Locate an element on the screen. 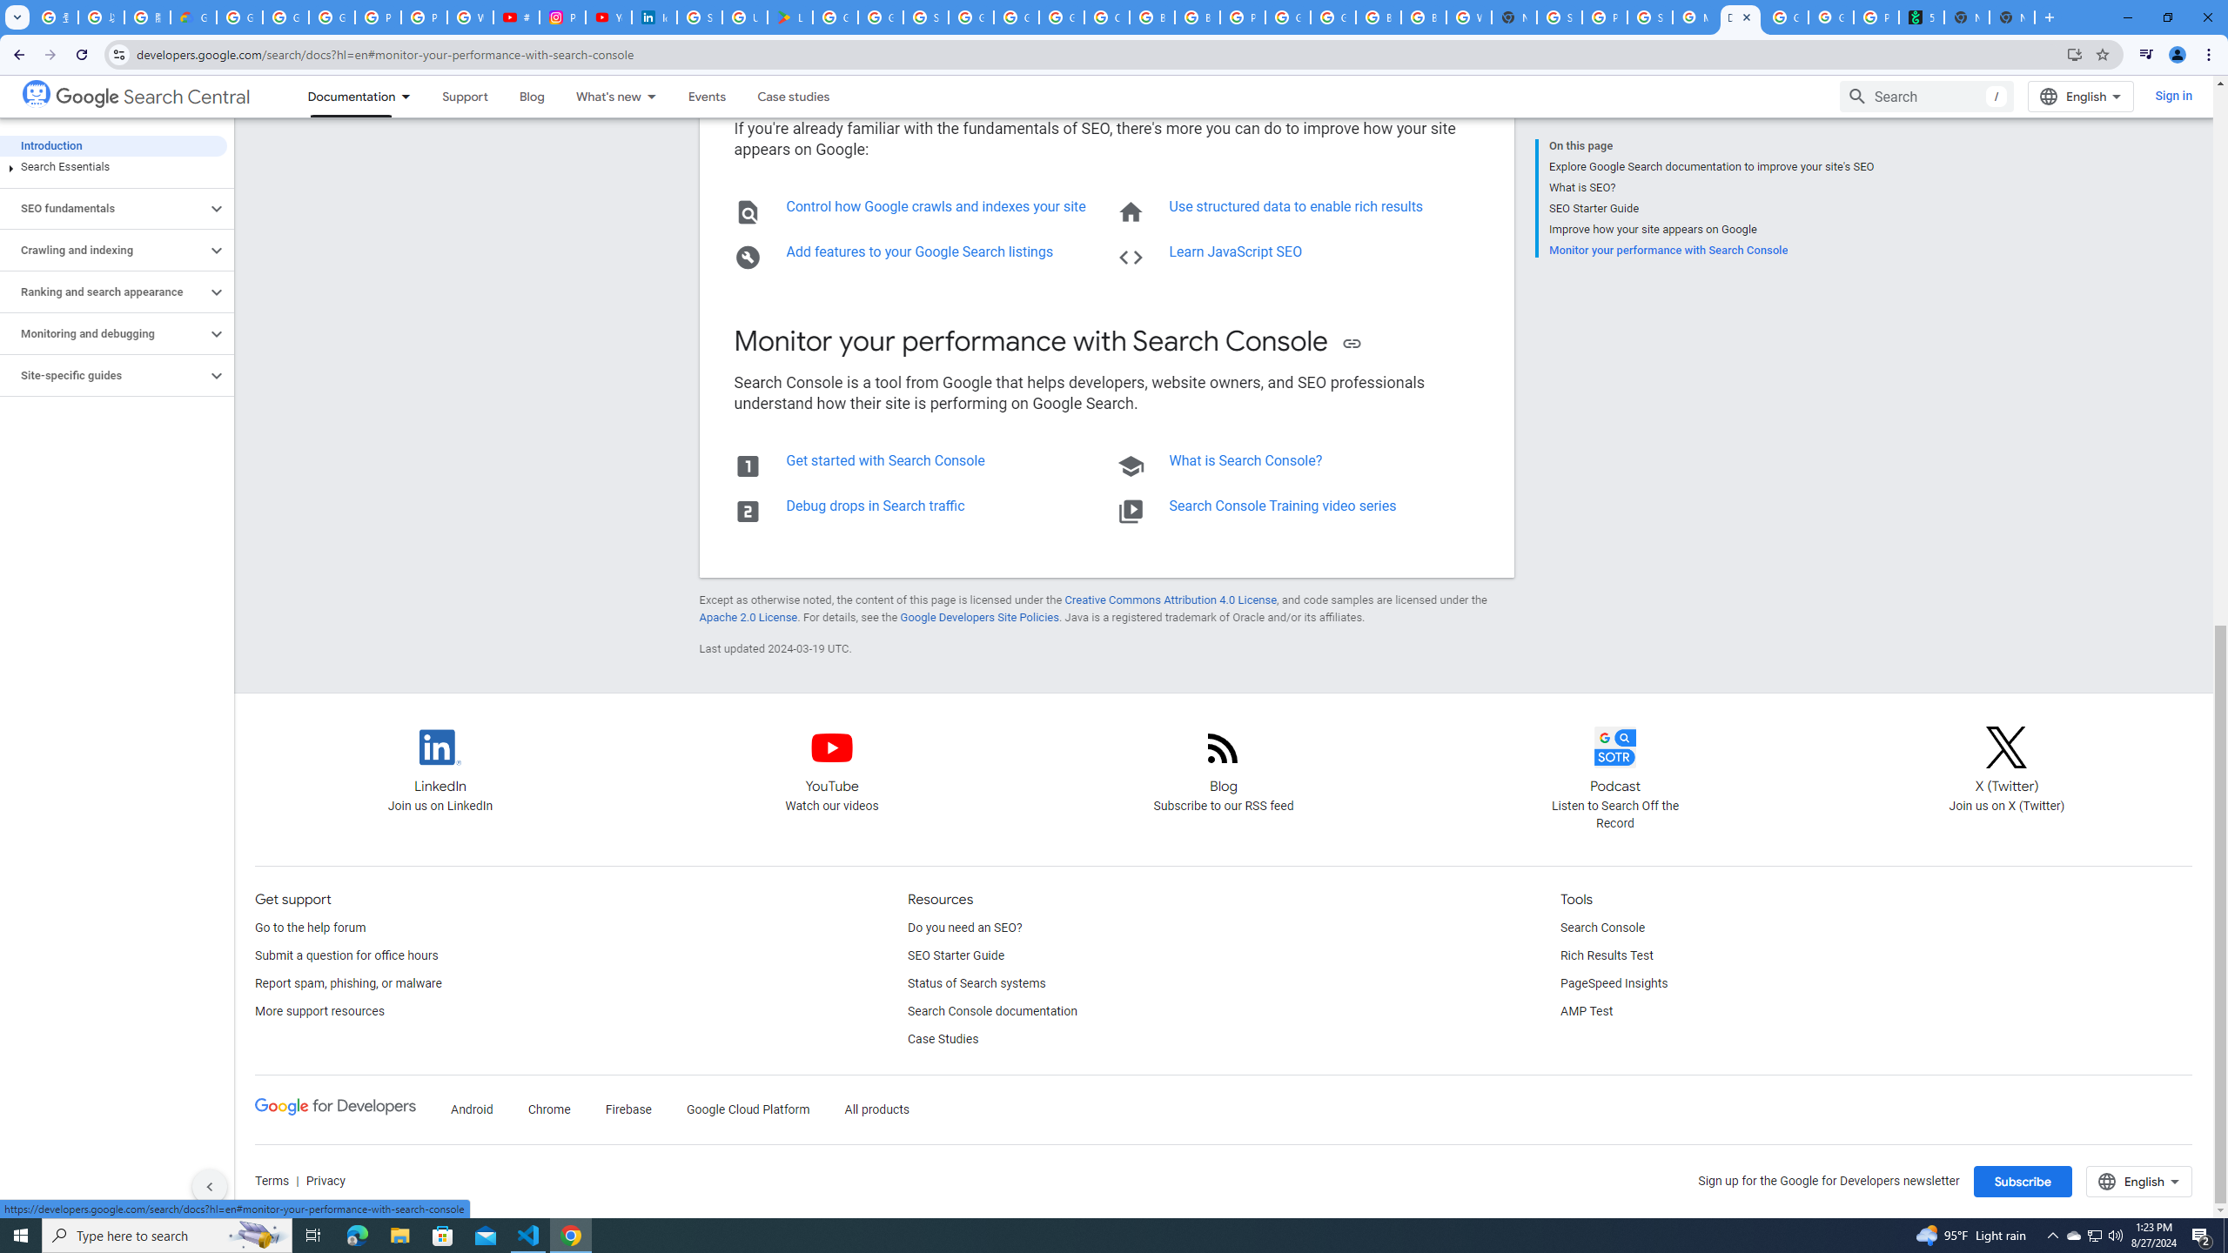  'Debug drops in Search traffic' is located at coordinates (876, 506).